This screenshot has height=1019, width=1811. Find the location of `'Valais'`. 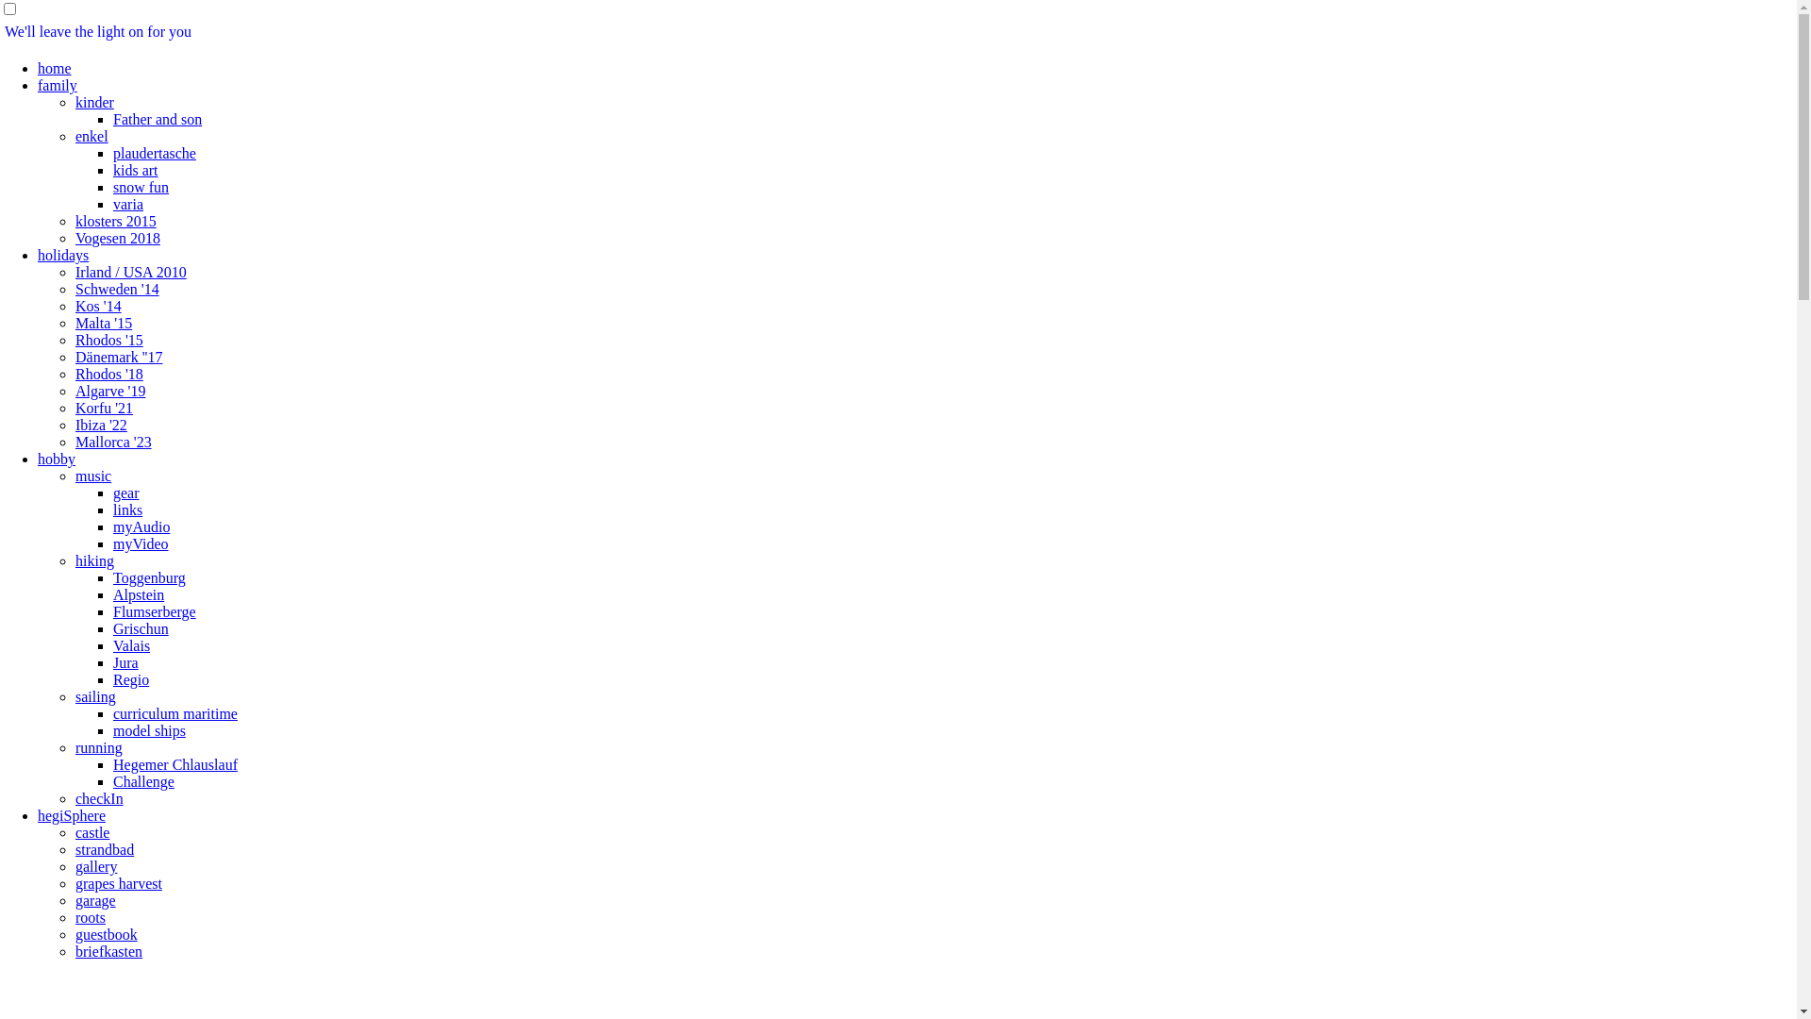

'Valais' is located at coordinates (130, 644).